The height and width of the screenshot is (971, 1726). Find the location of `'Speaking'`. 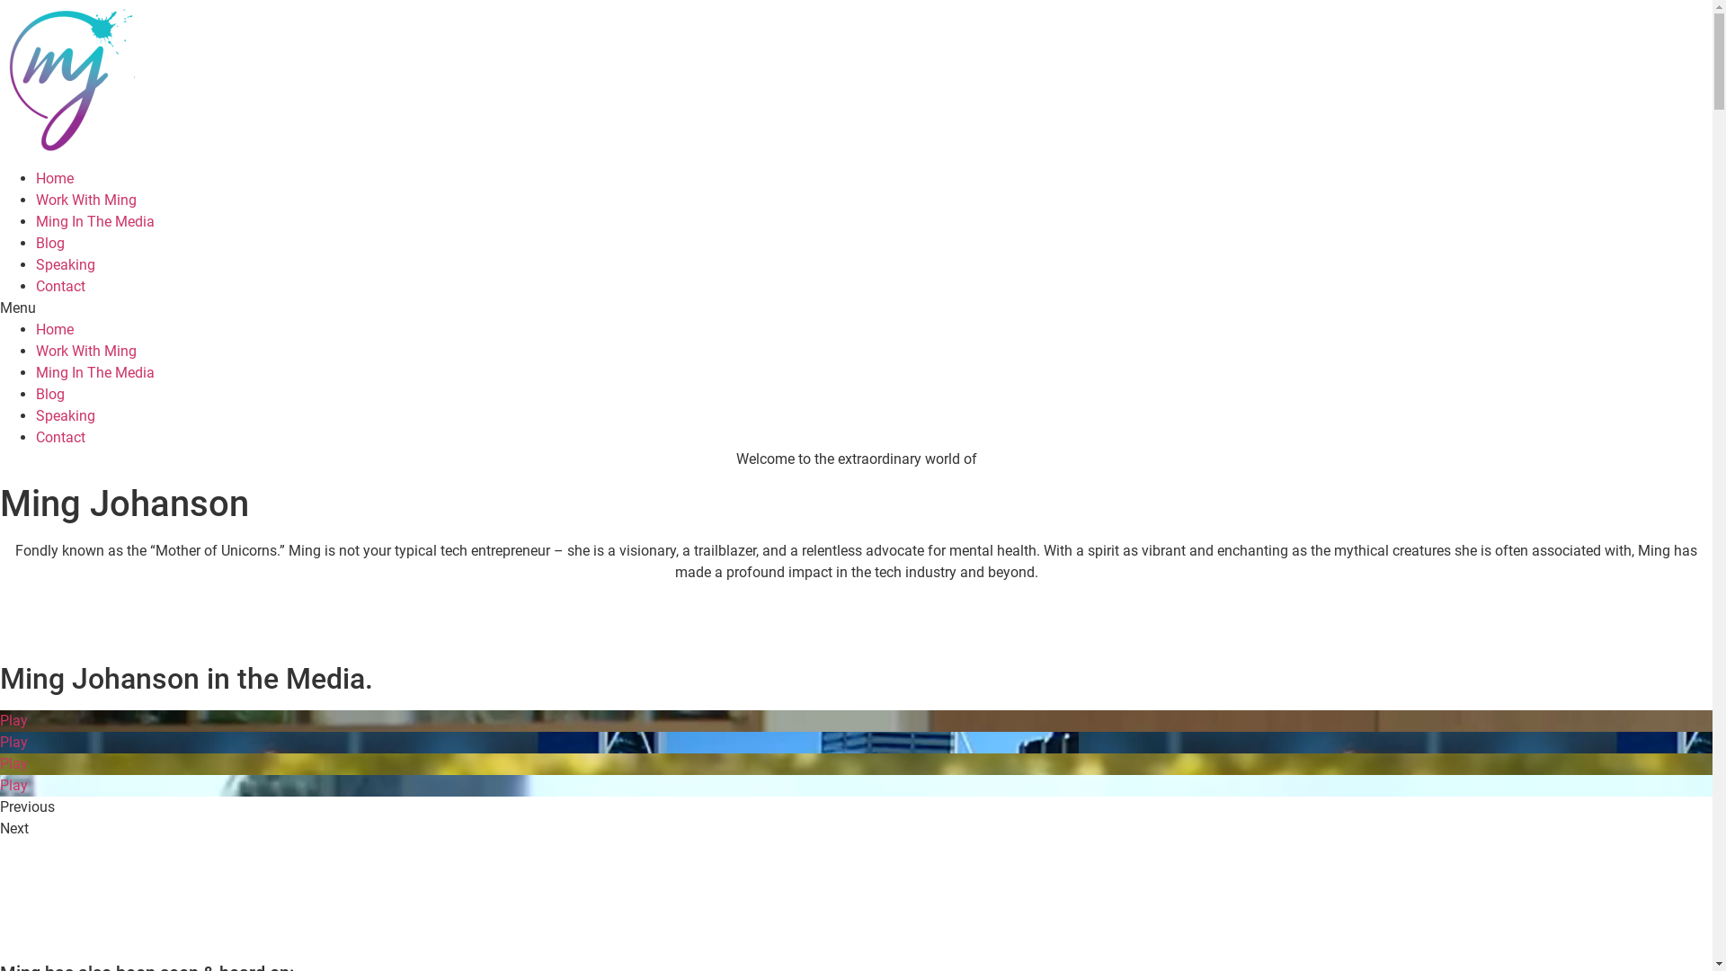

'Speaking' is located at coordinates (65, 264).